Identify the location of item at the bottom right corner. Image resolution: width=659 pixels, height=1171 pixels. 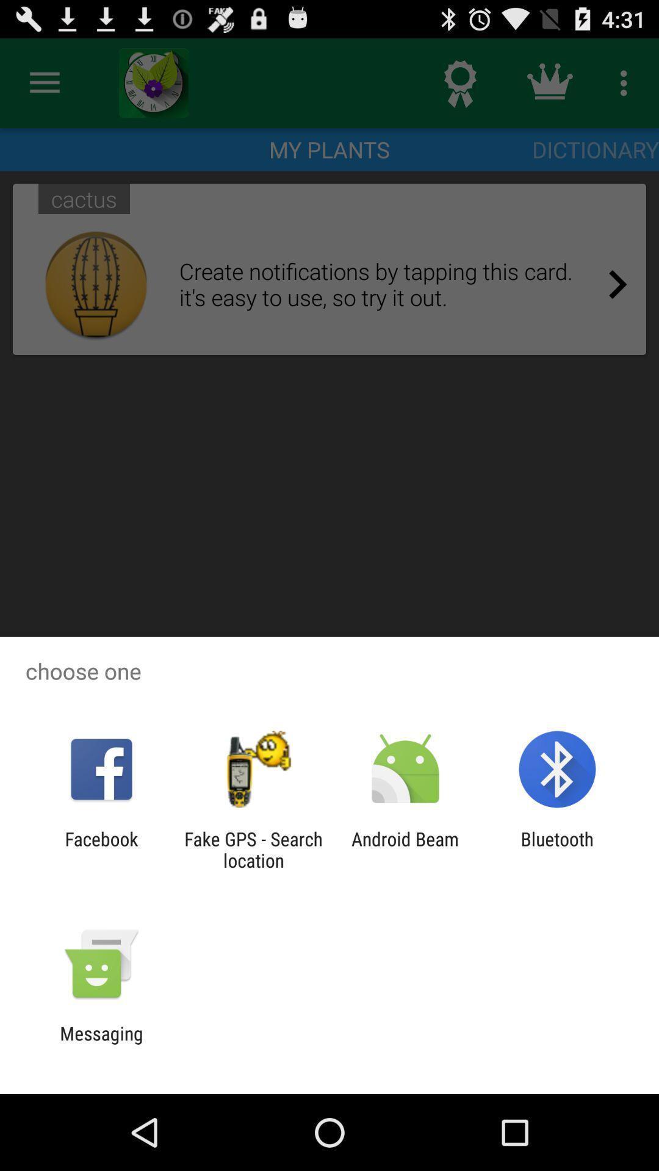
(557, 849).